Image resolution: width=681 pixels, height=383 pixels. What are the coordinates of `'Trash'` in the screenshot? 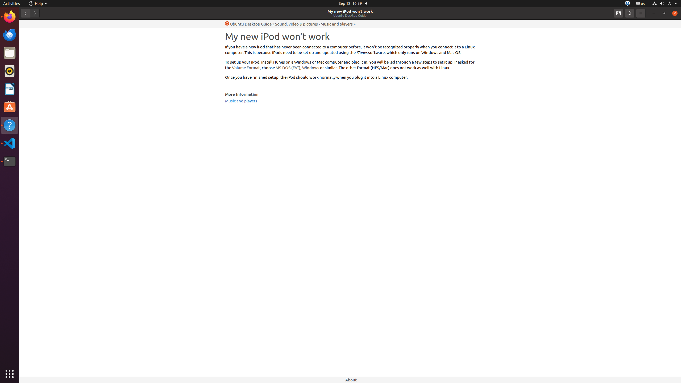 It's located at (35, 50).